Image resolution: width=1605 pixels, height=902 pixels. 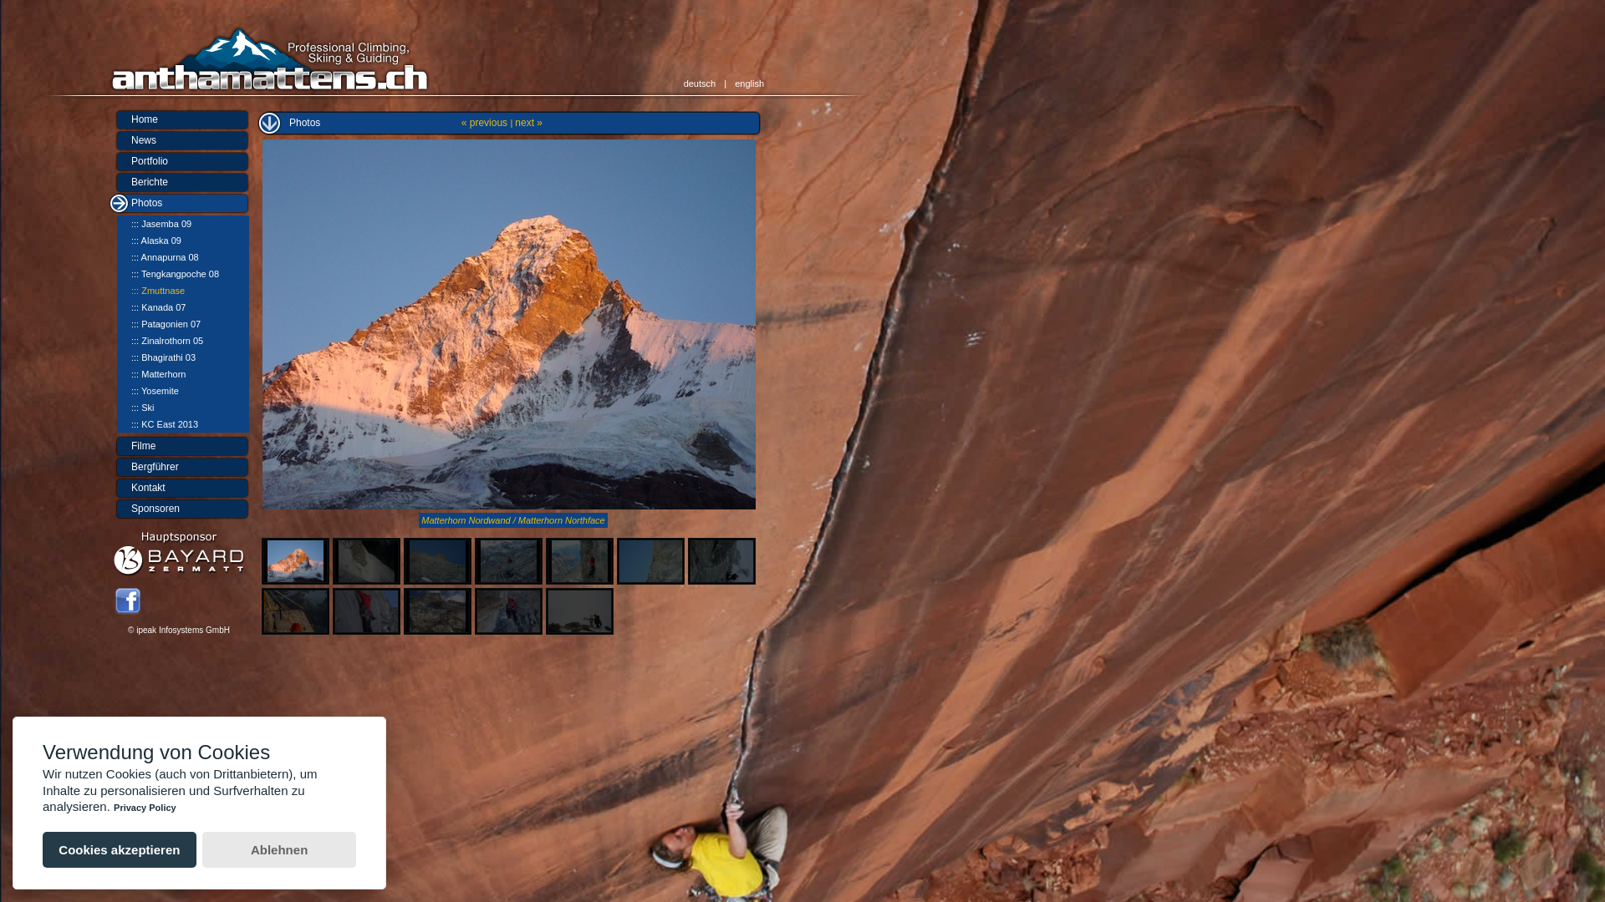 I want to click on 'Kontakt', so click(x=107, y=487).